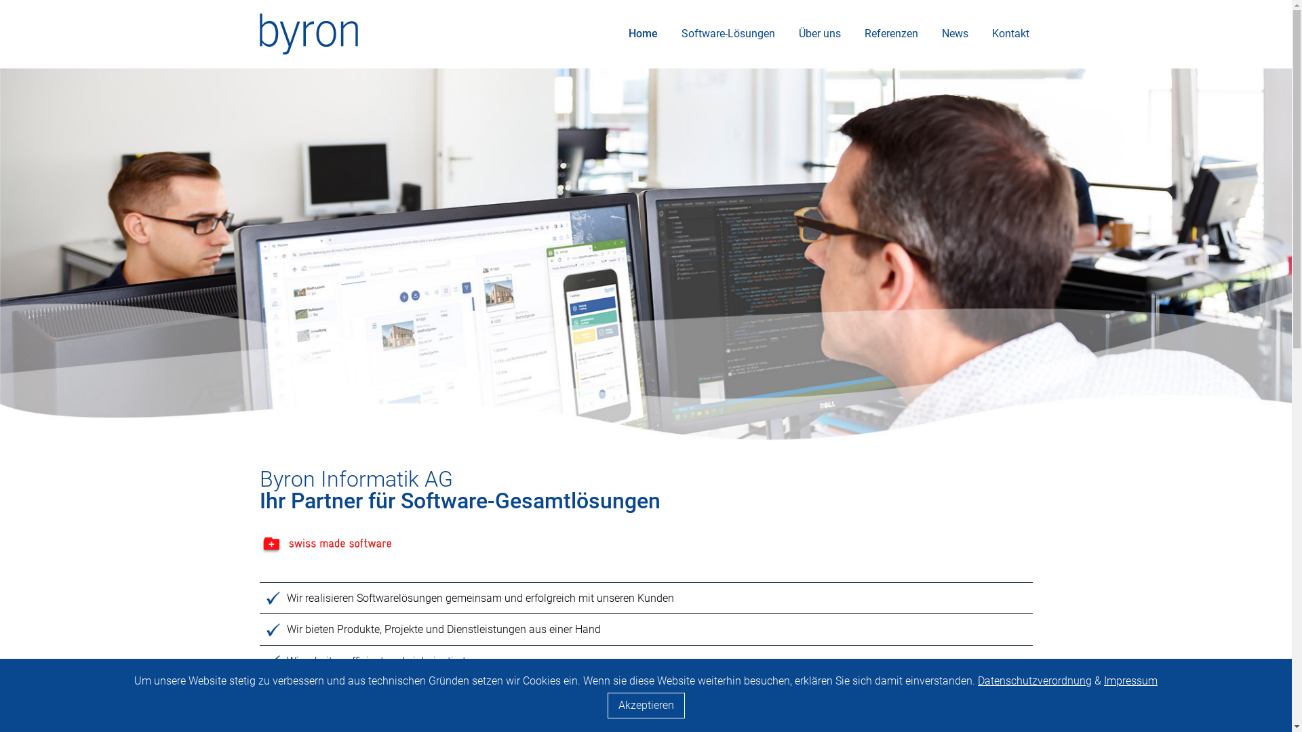  Describe the element at coordinates (1130, 680) in the screenshot. I see `'Impressum'` at that location.